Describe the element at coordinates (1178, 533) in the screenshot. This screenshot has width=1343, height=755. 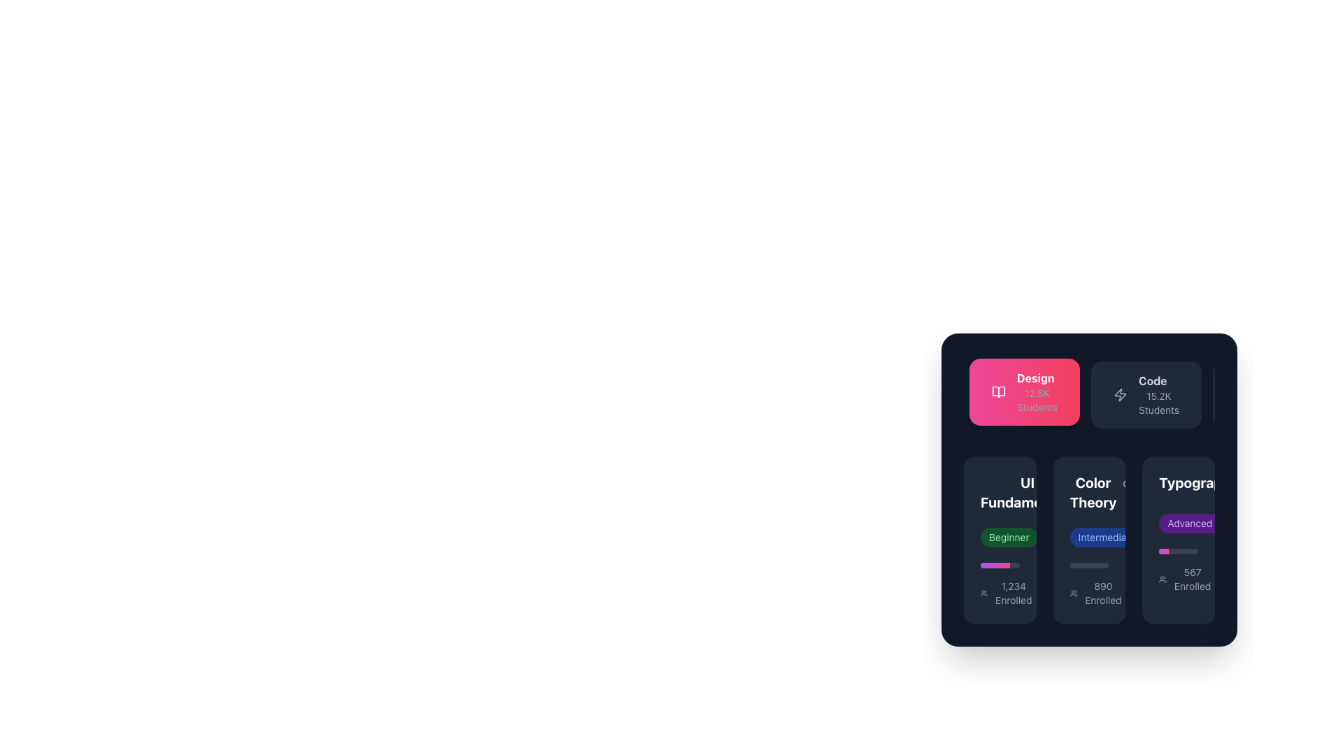
I see `the 'Advanced' label, which is a rounded purple badge with white text, prominently displayed on a dark background within the 'Typography' course card` at that location.